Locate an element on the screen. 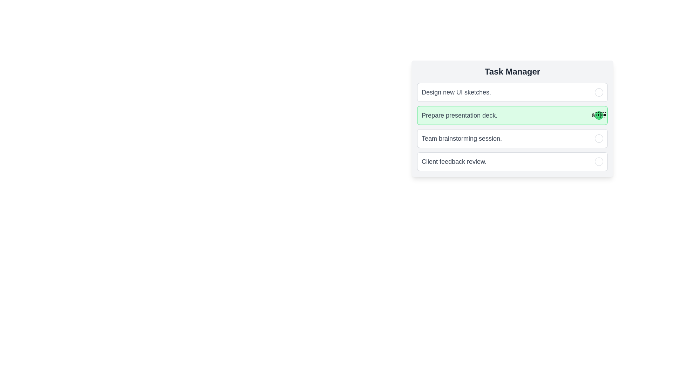 Image resolution: width=673 pixels, height=378 pixels. text from the 'Prepare presentation deck' label, which is the second item in the Task Manager widget, displayed against a green background is located at coordinates (459, 115).